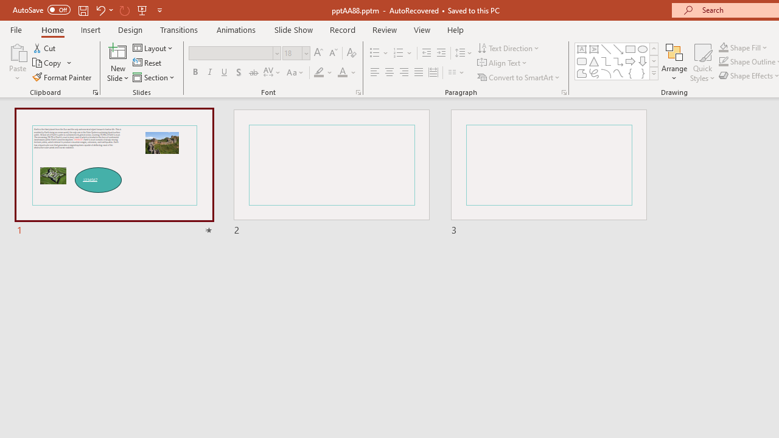 This screenshot has width=779, height=438. Describe the element at coordinates (653, 48) in the screenshot. I see `'Row up'` at that location.